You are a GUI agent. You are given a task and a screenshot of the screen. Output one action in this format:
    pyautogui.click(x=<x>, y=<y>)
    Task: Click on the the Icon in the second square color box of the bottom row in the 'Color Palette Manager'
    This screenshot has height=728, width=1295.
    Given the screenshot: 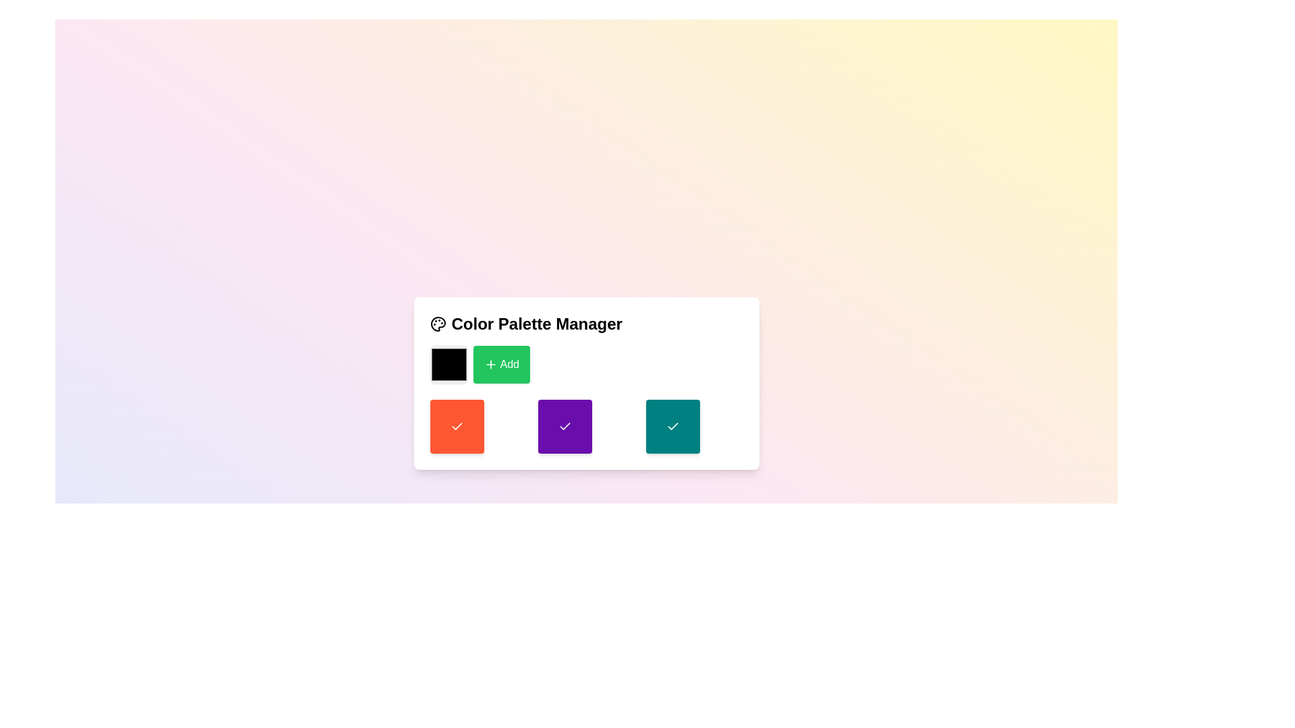 What is the action you would take?
    pyautogui.click(x=565, y=426)
    